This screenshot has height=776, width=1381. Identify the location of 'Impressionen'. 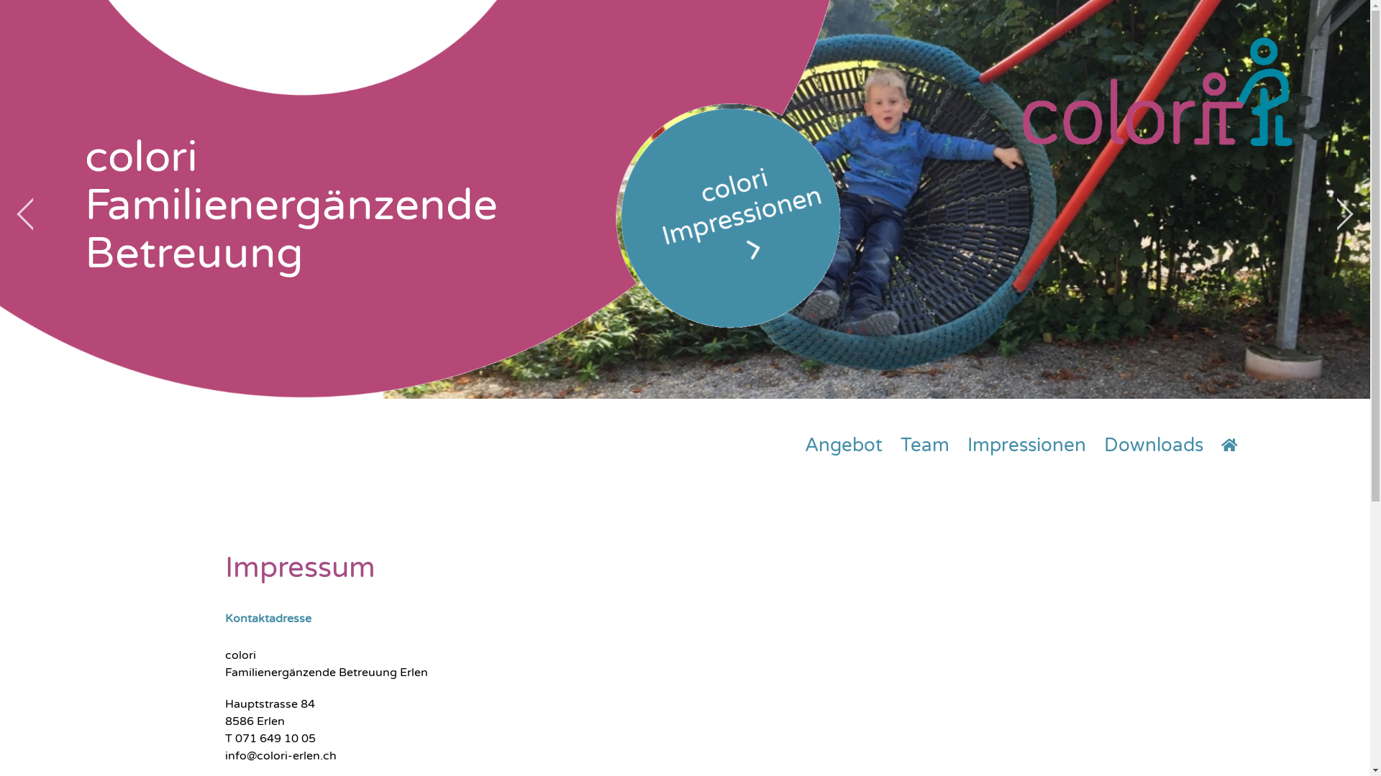
(1026, 445).